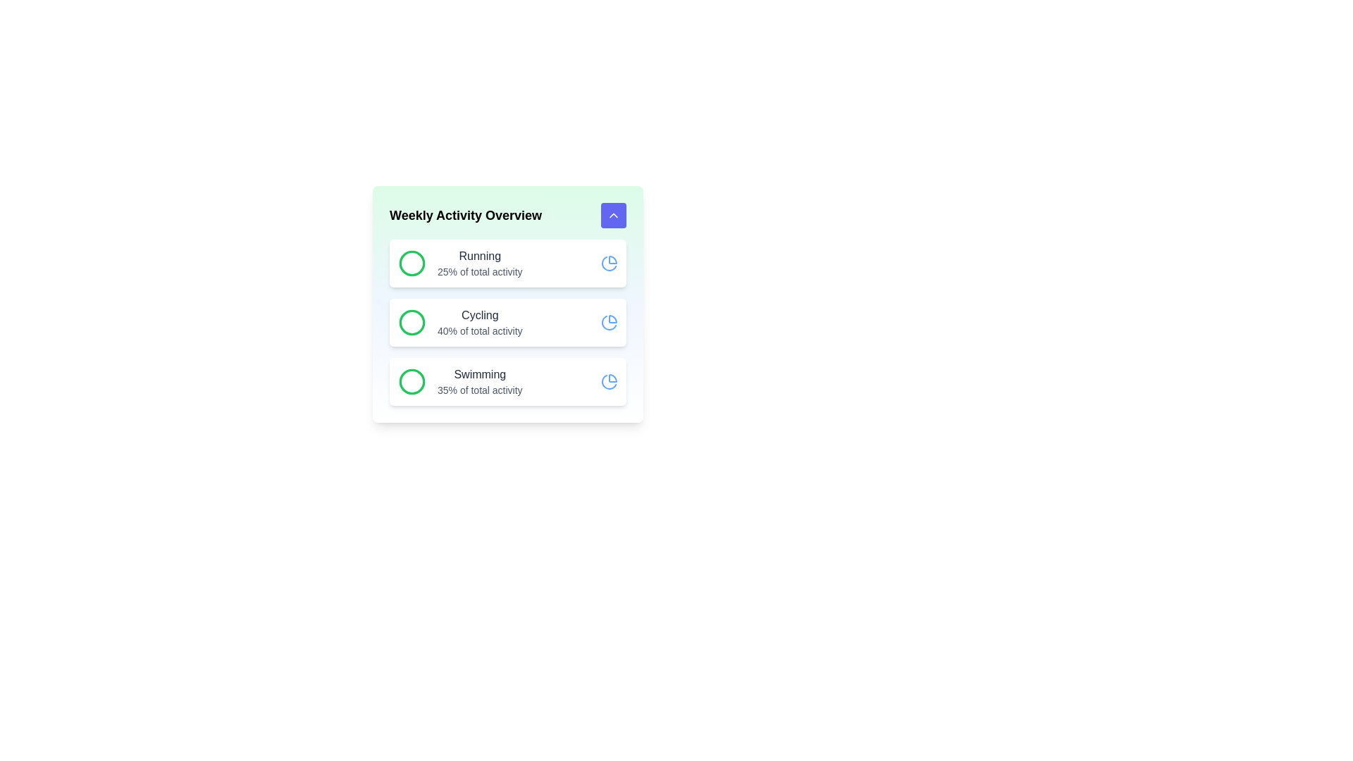 This screenshot has height=761, width=1353. What do you see at coordinates (412, 382) in the screenshot?
I see `the decorative graphic circle associated with the 'Swim' label located in the third activity row, positioned on the left-hand side of its text` at bounding box center [412, 382].